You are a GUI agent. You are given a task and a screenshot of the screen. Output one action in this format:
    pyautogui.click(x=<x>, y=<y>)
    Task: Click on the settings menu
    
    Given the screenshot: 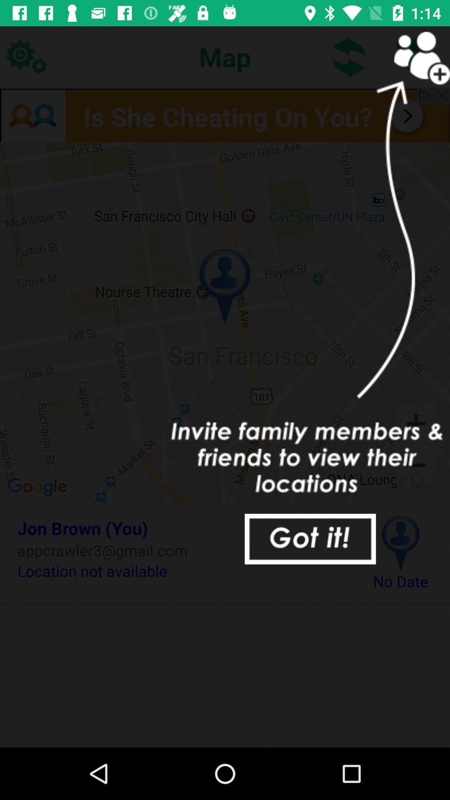 What is the action you would take?
    pyautogui.click(x=25, y=56)
    